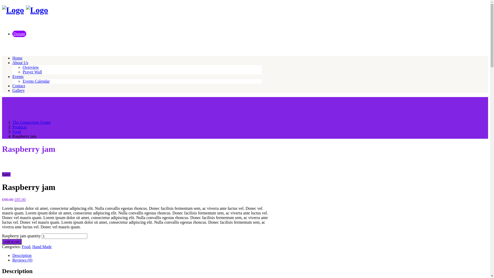 Image resolution: width=494 pixels, height=278 pixels. Describe the element at coordinates (22, 246) in the screenshot. I see `'Food'` at that location.